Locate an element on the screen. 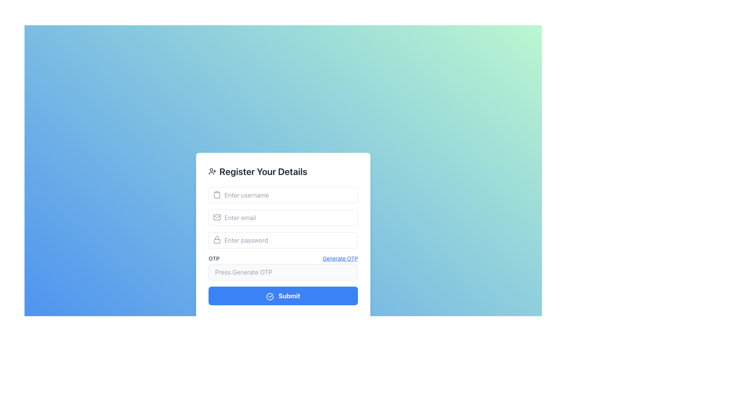 The height and width of the screenshot is (420, 747). the decorative clipboard icon located to the left of the username input field is located at coordinates (217, 194).